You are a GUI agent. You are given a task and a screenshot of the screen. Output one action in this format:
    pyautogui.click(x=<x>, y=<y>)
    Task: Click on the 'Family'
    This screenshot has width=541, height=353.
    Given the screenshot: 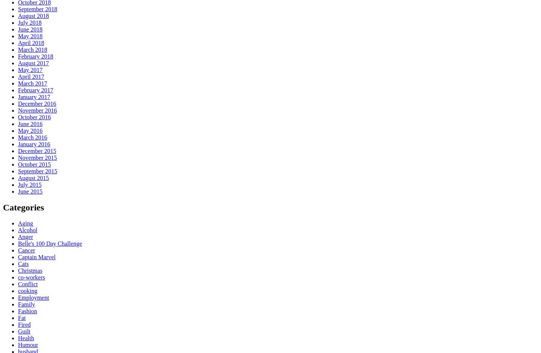 What is the action you would take?
    pyautogui.click(x=26, y=304)
    